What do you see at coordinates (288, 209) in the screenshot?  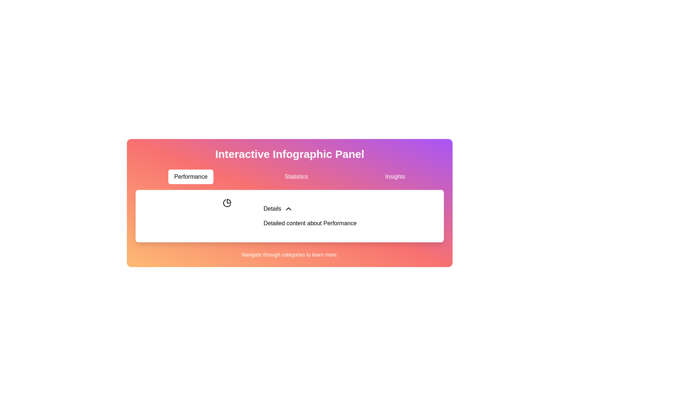 I see `the upward-pointing chevron icon next to the text 'Details'` at bounding box center [288, 209].